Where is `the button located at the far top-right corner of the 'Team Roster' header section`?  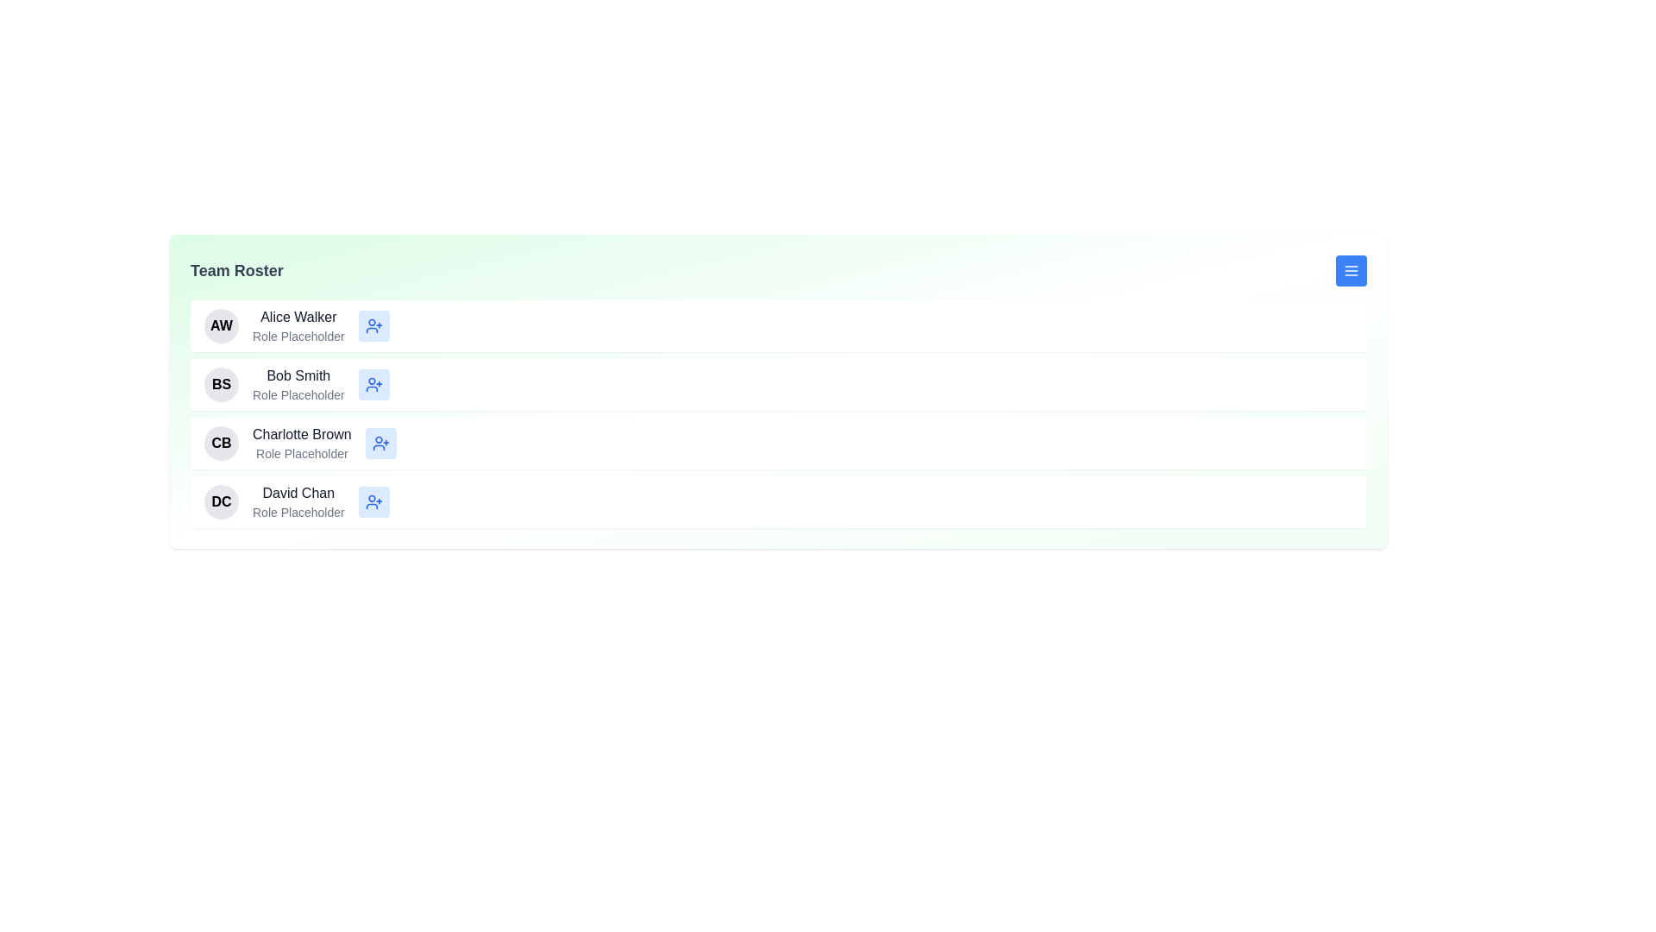 the button located at the far top-right corner of the 'Team Roster' header section is located at coordinates (1350, 270).